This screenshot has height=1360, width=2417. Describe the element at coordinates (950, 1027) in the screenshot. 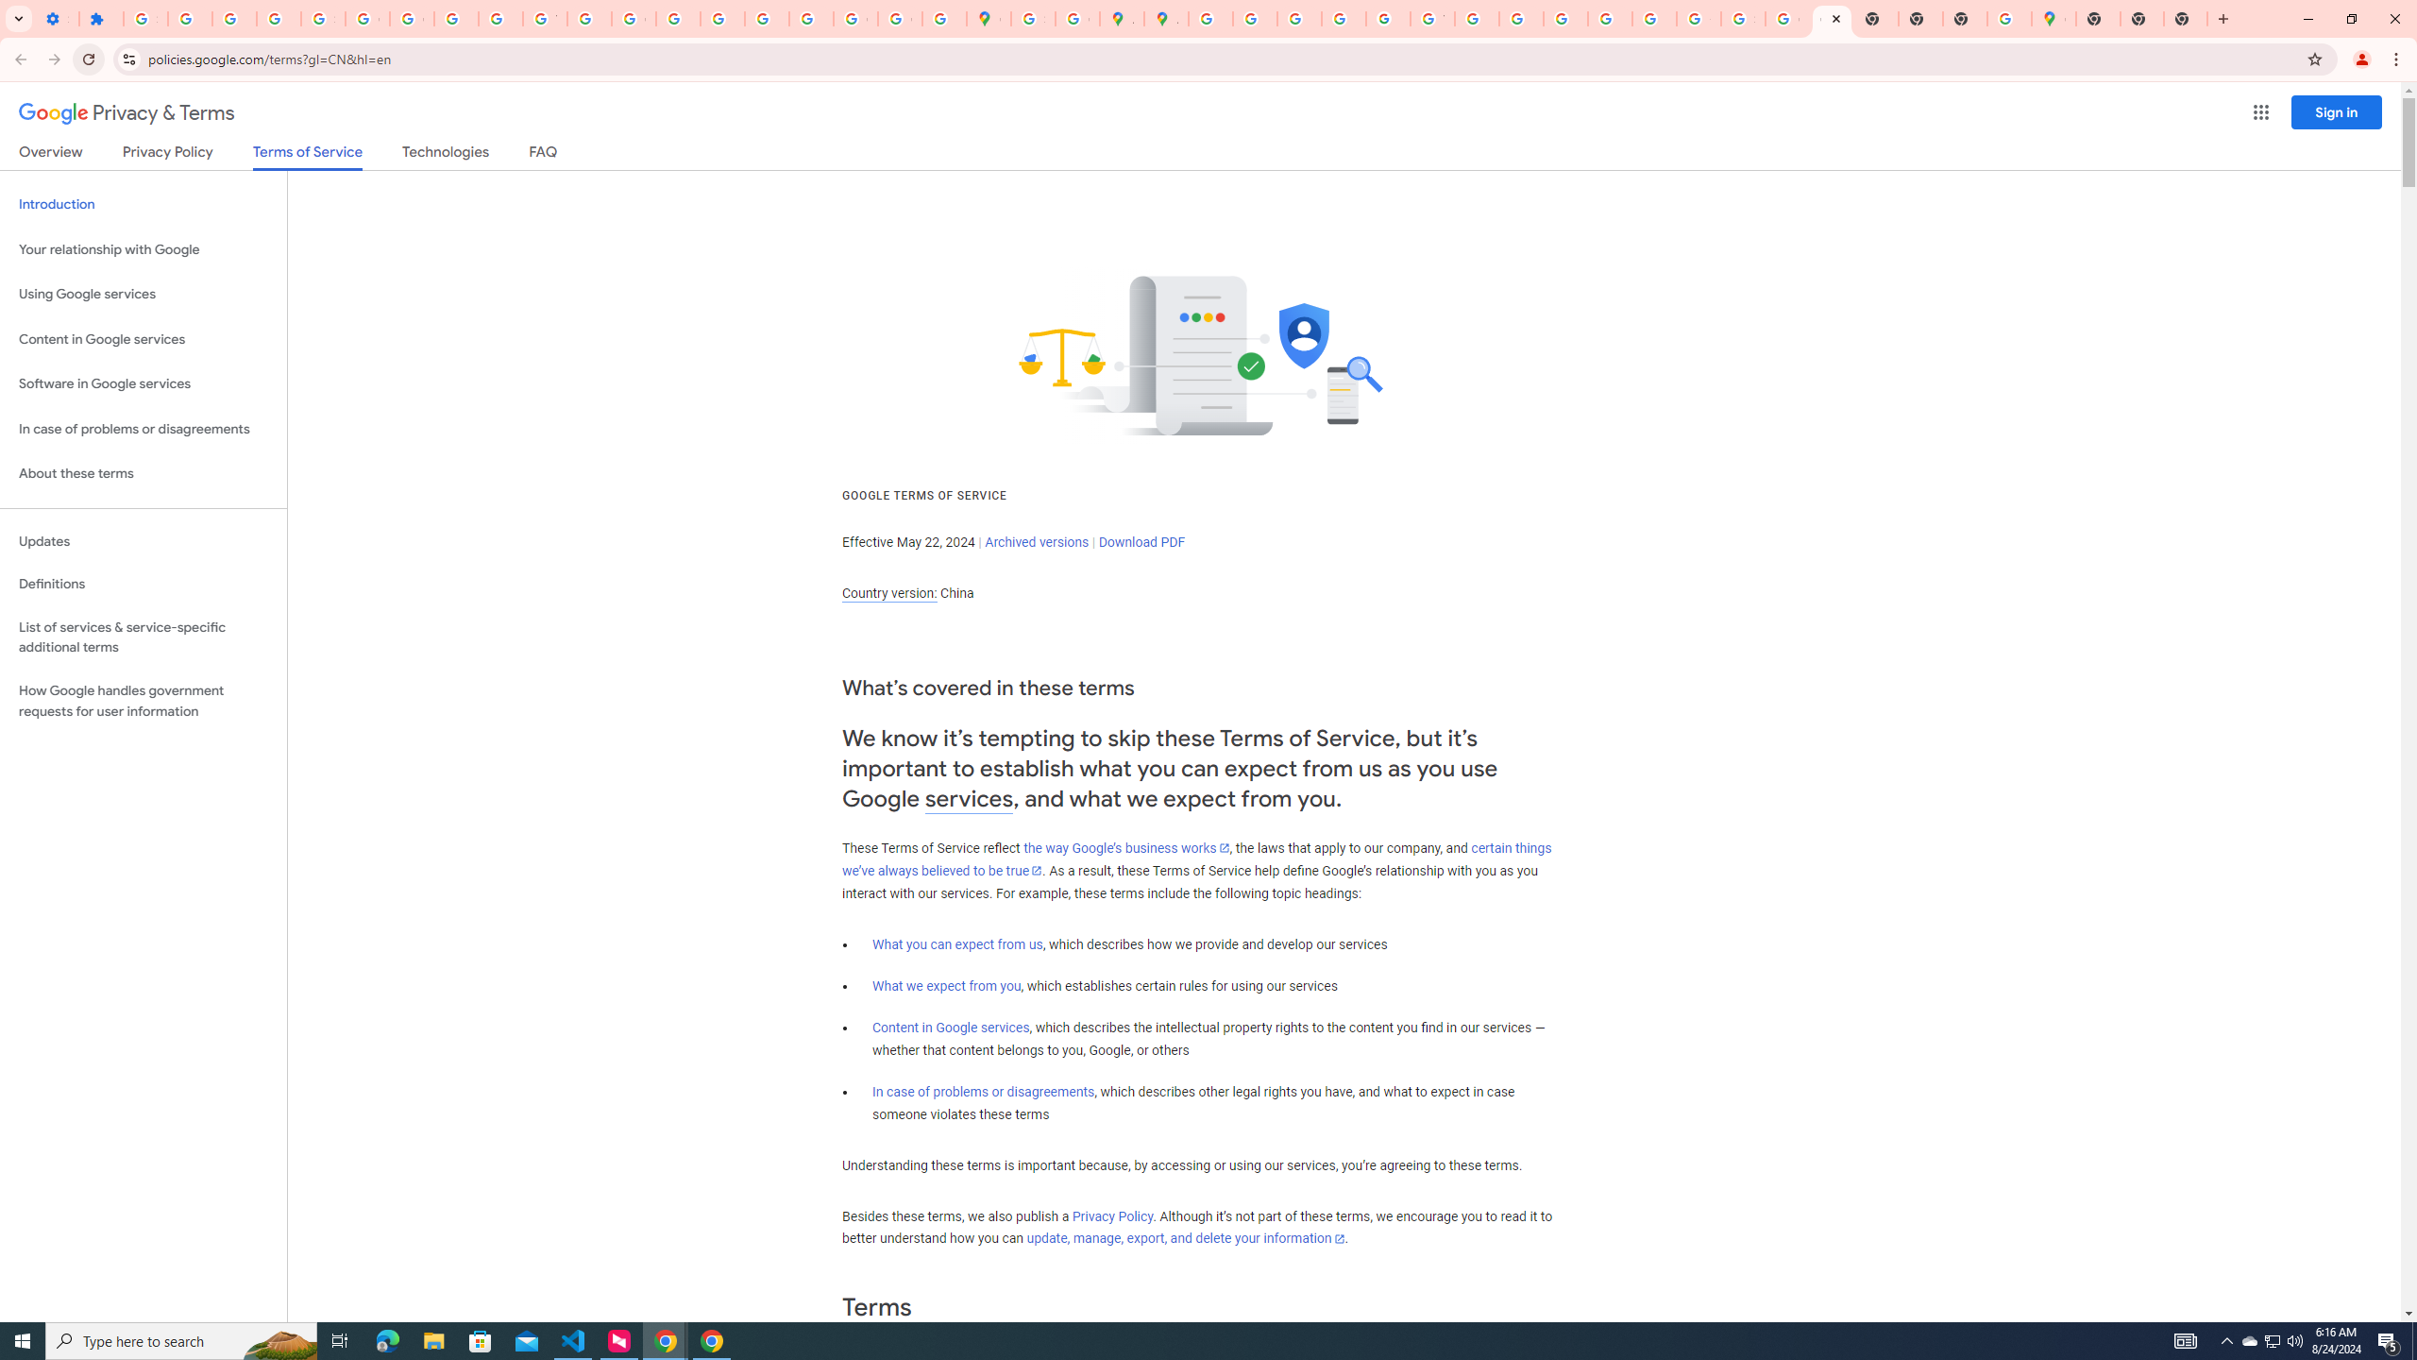

I see `'Content in Google services'` at that location.